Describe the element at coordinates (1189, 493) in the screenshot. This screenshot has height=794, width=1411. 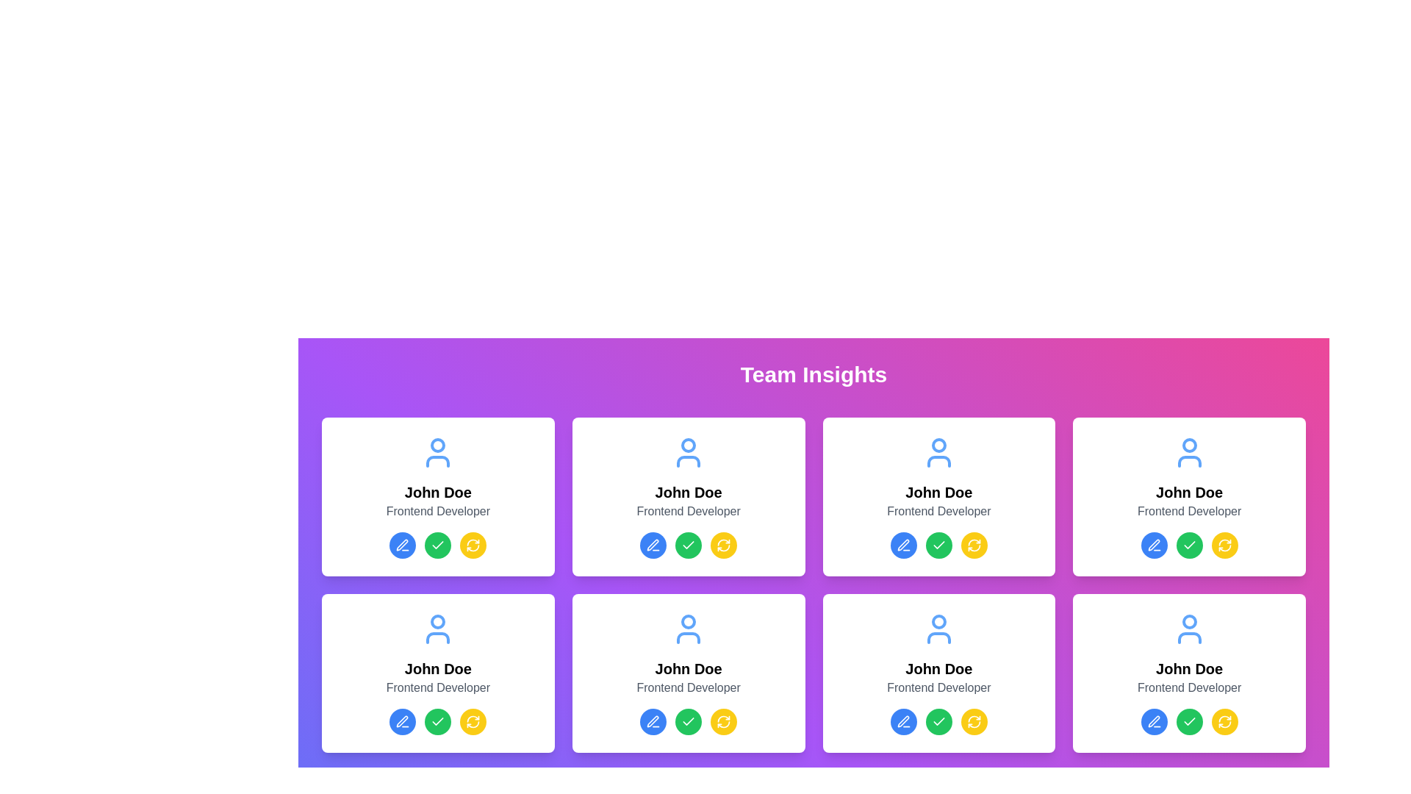
I see `the bold text 'John Doe' located in the top row, third card of the grid layout, which is centered below the user icon and above the title 'Frontend Developer'` at that location.